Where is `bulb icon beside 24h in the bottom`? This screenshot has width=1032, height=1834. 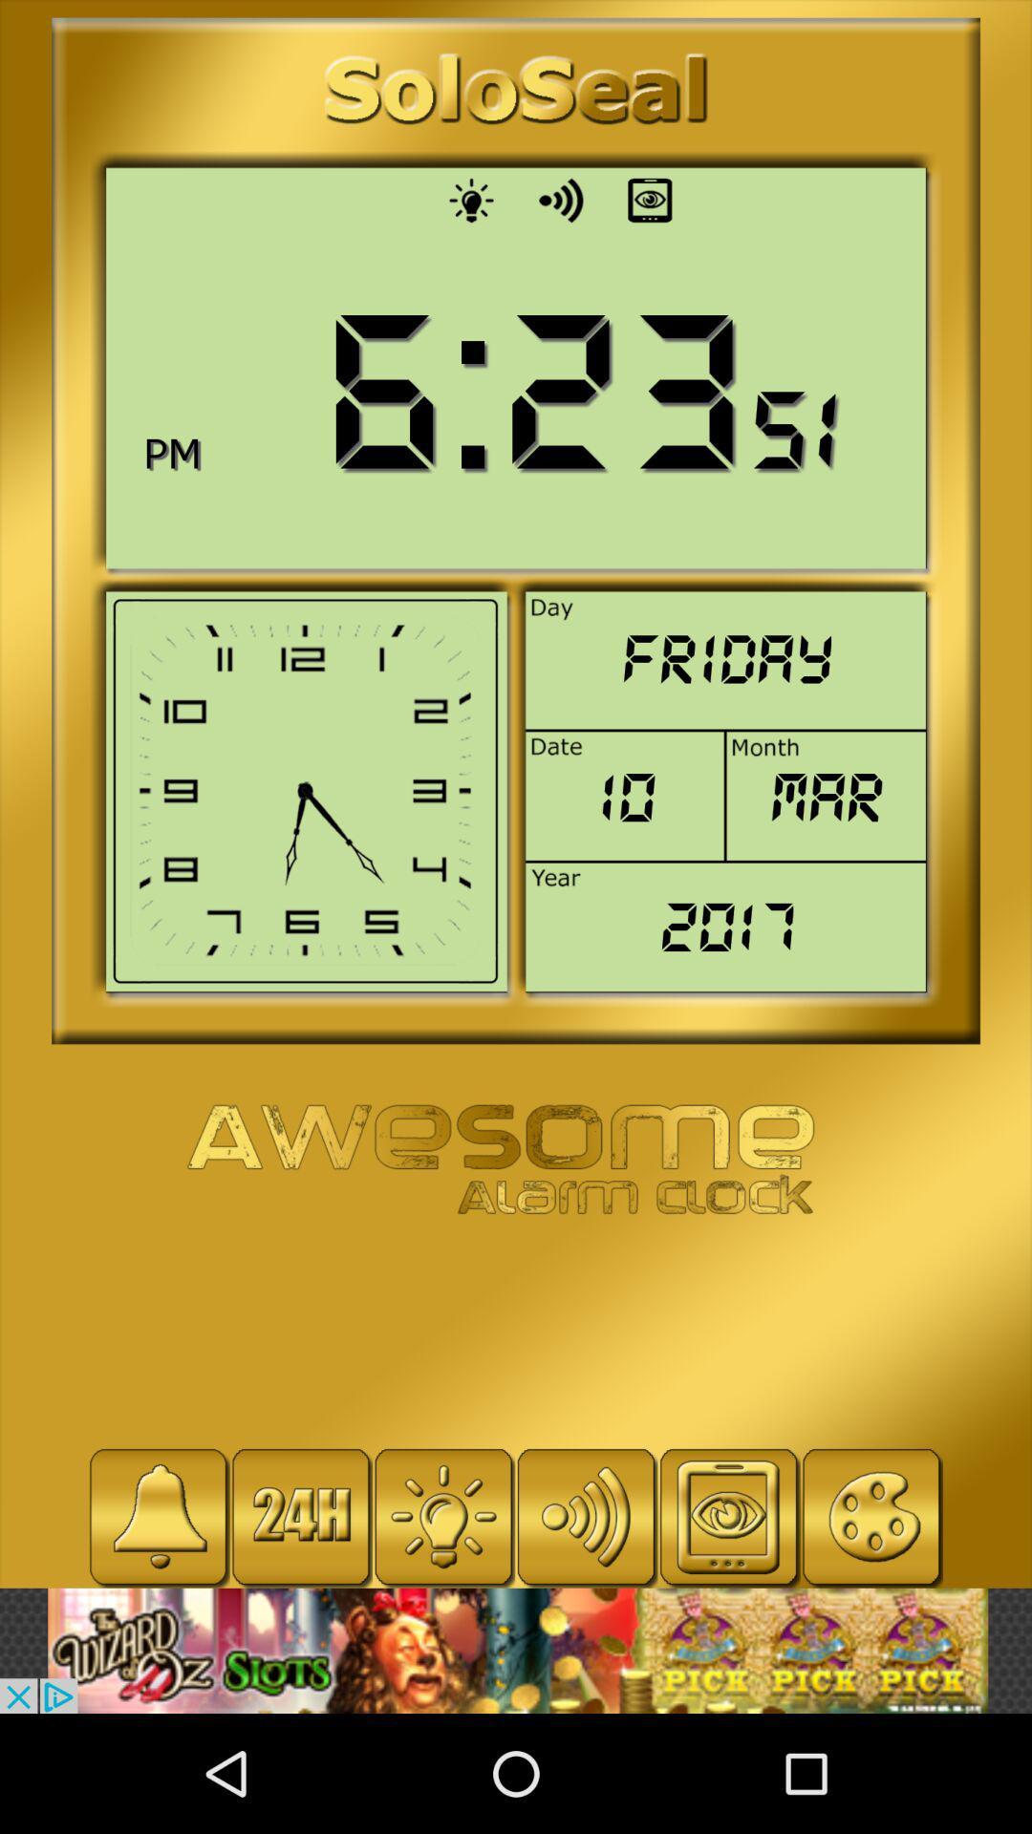
bulb icon beside 24h in the bottom is located at coordinates (443, 1516).